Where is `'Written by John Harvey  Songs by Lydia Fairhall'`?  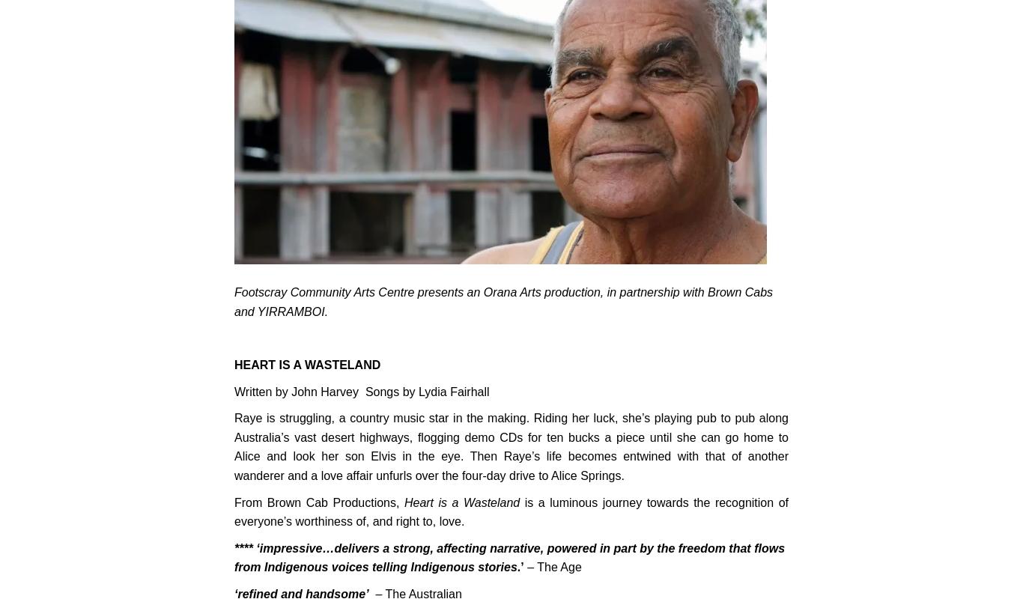
'Written by John Harvey  Songs by Lydia Fairhall' is located at coordinates (362, 391).